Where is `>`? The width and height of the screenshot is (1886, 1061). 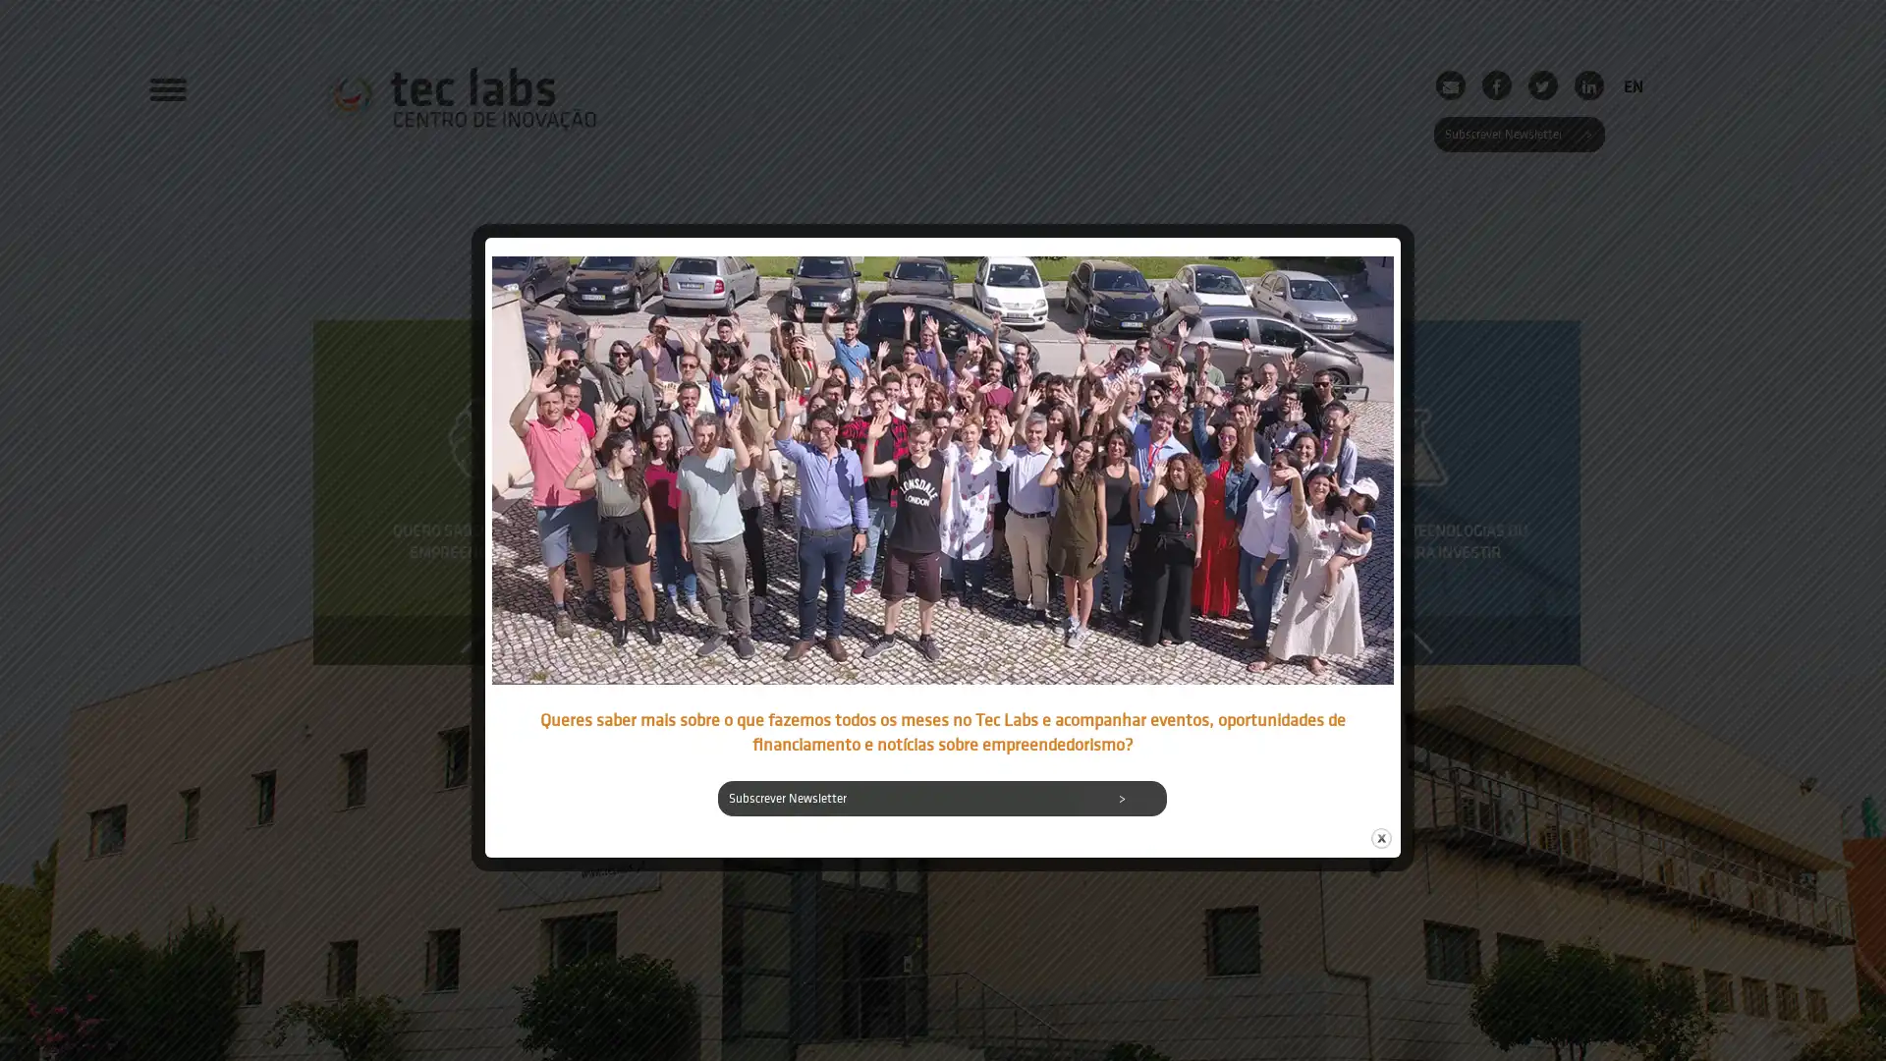 > is located at coordinates (1122, 798).